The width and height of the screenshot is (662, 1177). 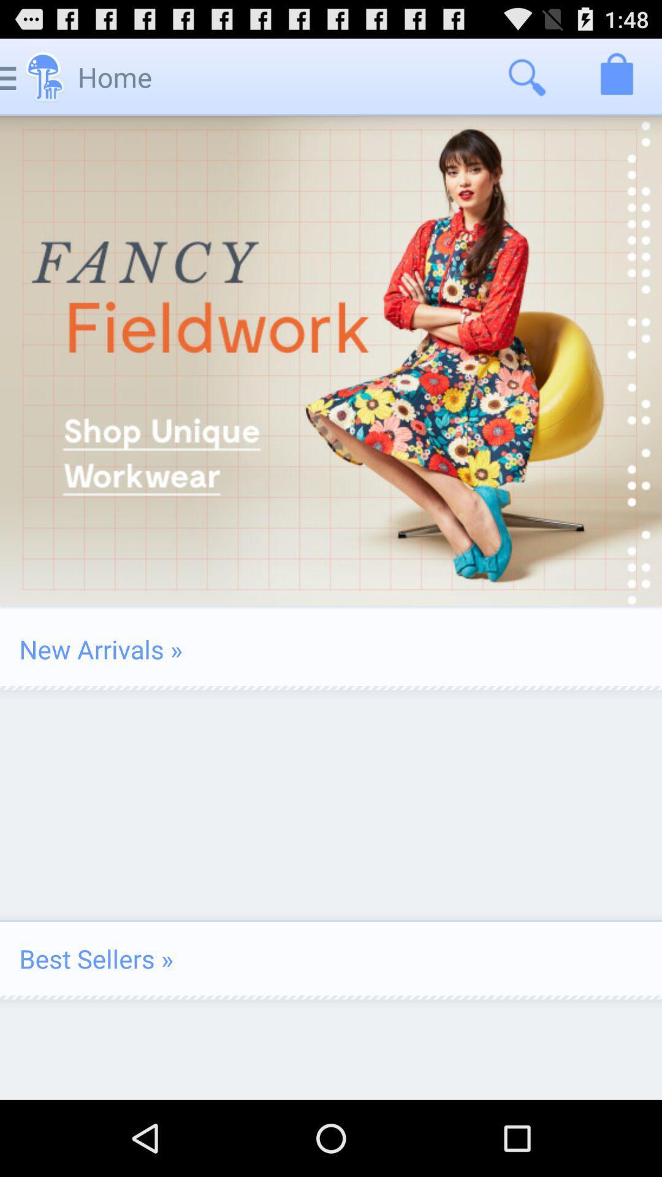 I want to click on icon next to home icon, so click(x=526, y=76).